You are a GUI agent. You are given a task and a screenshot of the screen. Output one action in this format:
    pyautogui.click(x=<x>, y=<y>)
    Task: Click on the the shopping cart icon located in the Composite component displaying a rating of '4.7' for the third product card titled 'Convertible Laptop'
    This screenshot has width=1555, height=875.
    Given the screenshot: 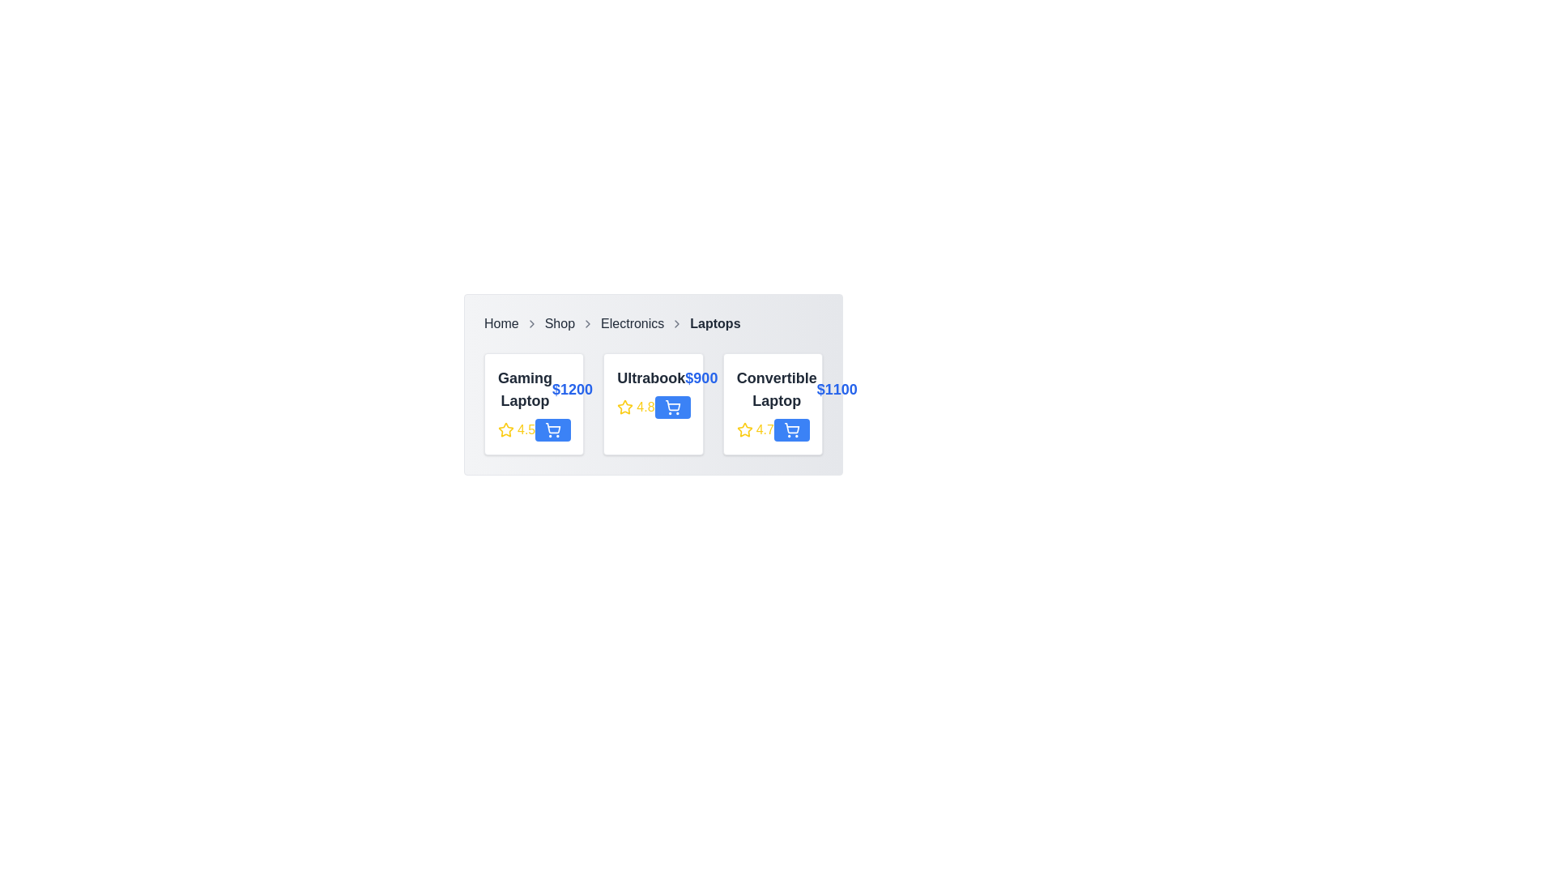 What is the action you would take?
    pyautogui.click(x=772, y=429)
    